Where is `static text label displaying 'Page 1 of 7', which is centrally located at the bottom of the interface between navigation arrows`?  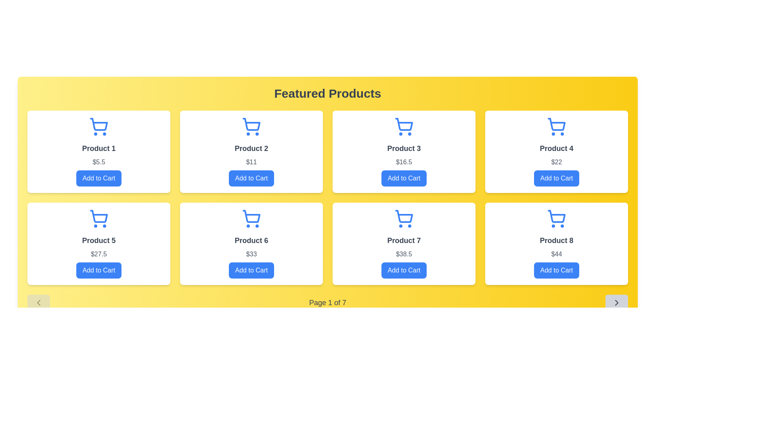
static text label displaying 'Page 1 of 7', which is centrally located at the bottom of the interface between navigation arrows is located at coordinates (327, 302).